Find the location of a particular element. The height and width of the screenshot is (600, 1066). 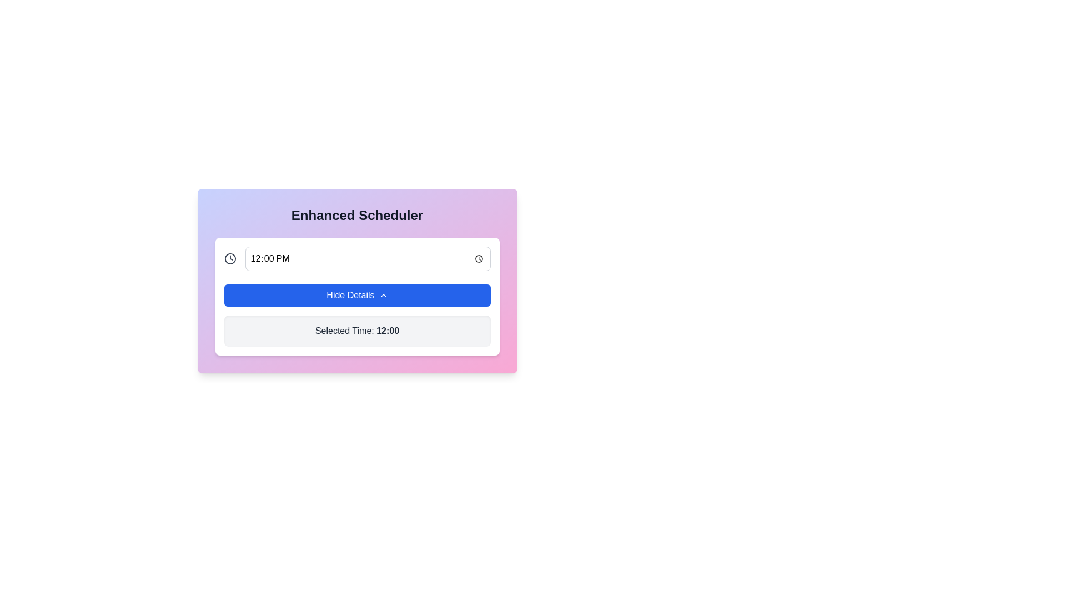

the text component displaying '12:00' in bold font, located on the right side of 'Selected Time:' in the bottom section of the interface is located at coordinates (388, 330).